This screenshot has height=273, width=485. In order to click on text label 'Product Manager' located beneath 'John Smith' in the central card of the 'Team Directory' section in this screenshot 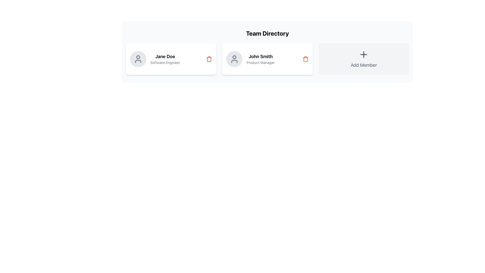, I will do `click(261, 62)`.